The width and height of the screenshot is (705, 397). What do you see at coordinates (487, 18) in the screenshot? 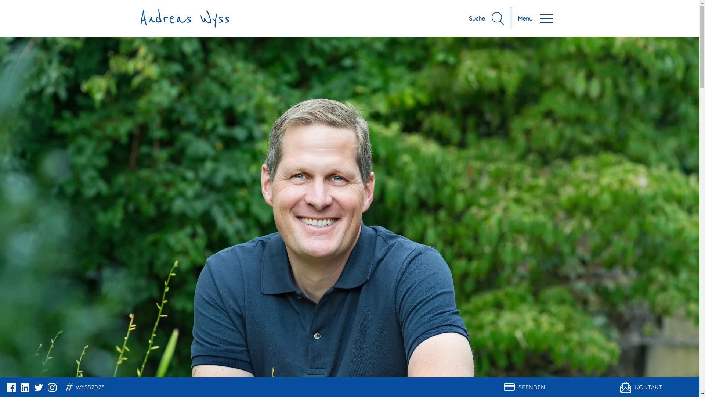
I see `'Suche'` at bounding box center [487, 18].